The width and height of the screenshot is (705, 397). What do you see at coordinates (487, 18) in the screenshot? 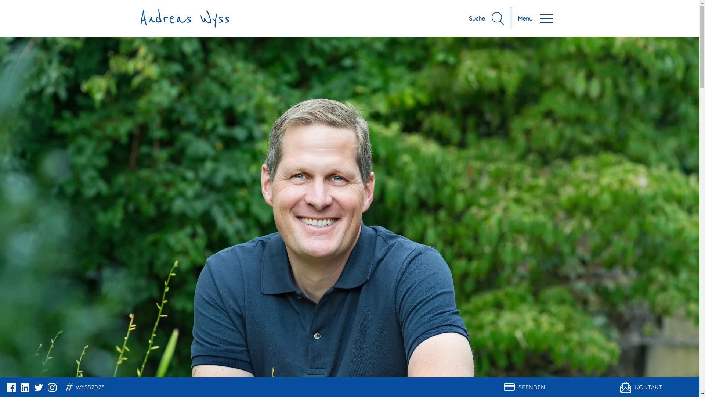
I see `'Suche'` at bounding box center [487, 18].